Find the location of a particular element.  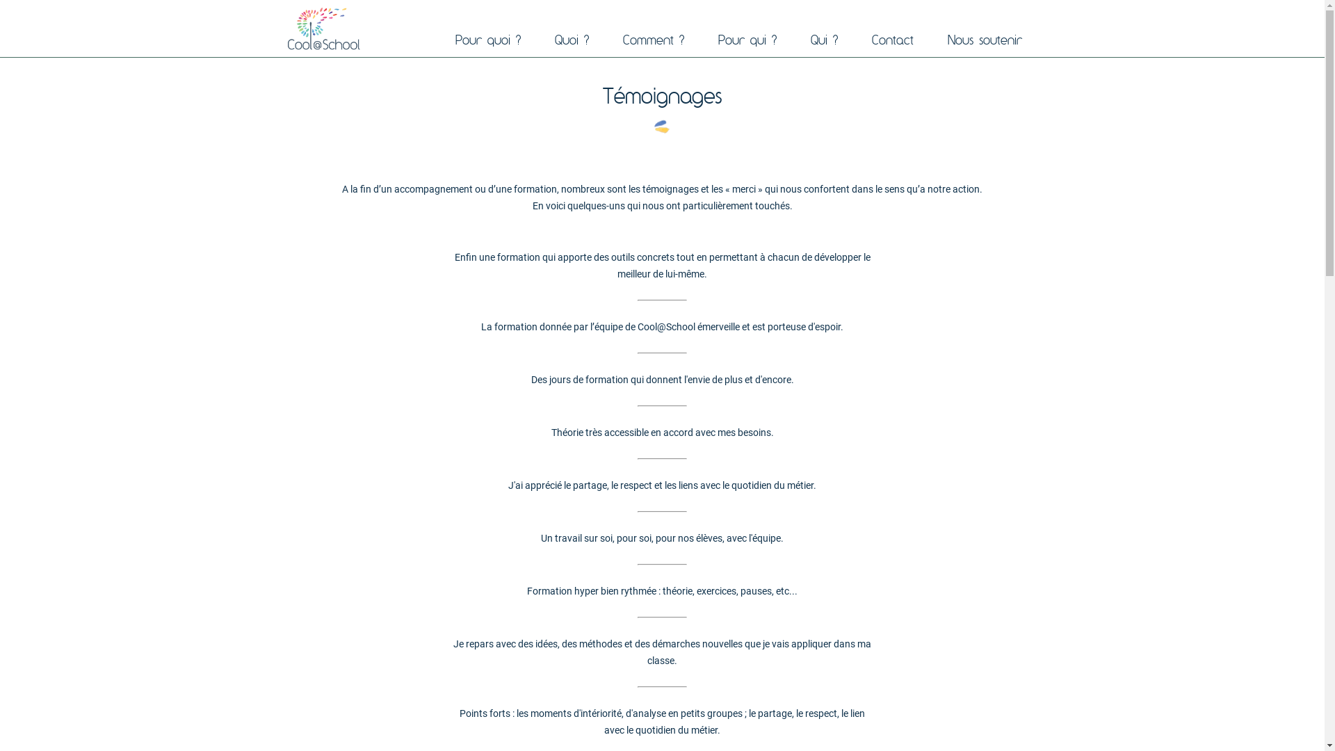

'Quoi ?' is located at coordinates (541, 38).